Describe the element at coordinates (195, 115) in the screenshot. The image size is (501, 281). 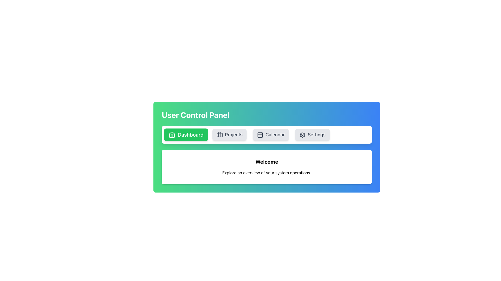
I see `the static text header located at the top-left corner of the user control panel page, which indicates the name or purpose of the interface section` at that location.